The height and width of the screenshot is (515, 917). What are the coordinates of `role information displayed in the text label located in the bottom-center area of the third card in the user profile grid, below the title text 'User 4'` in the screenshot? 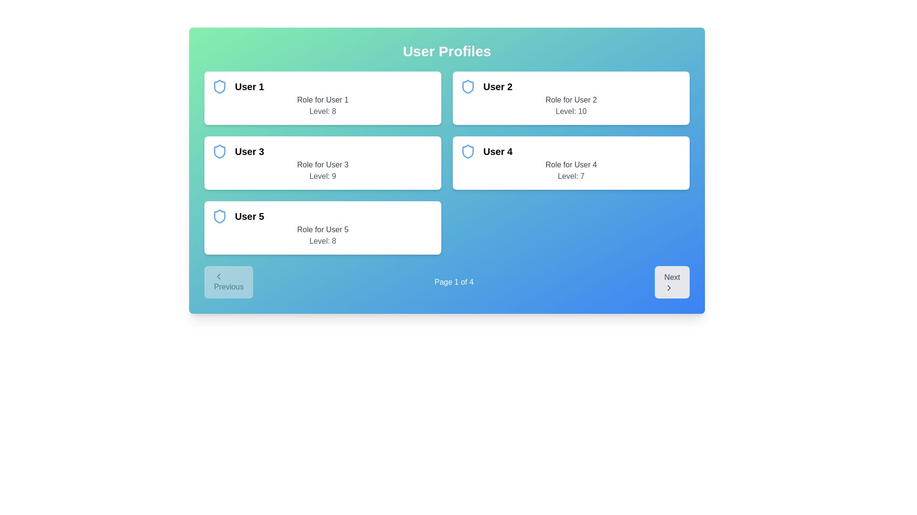 It's located at (571, 165).